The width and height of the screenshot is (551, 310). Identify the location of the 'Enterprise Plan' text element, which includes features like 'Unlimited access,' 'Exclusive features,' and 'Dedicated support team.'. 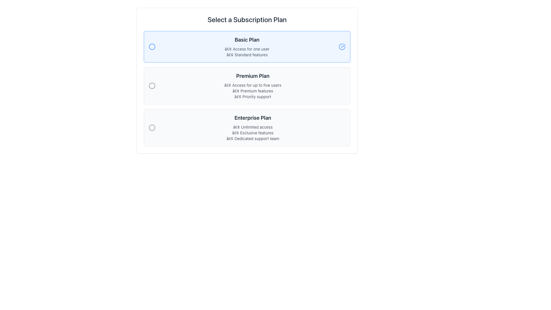
(253, 127).